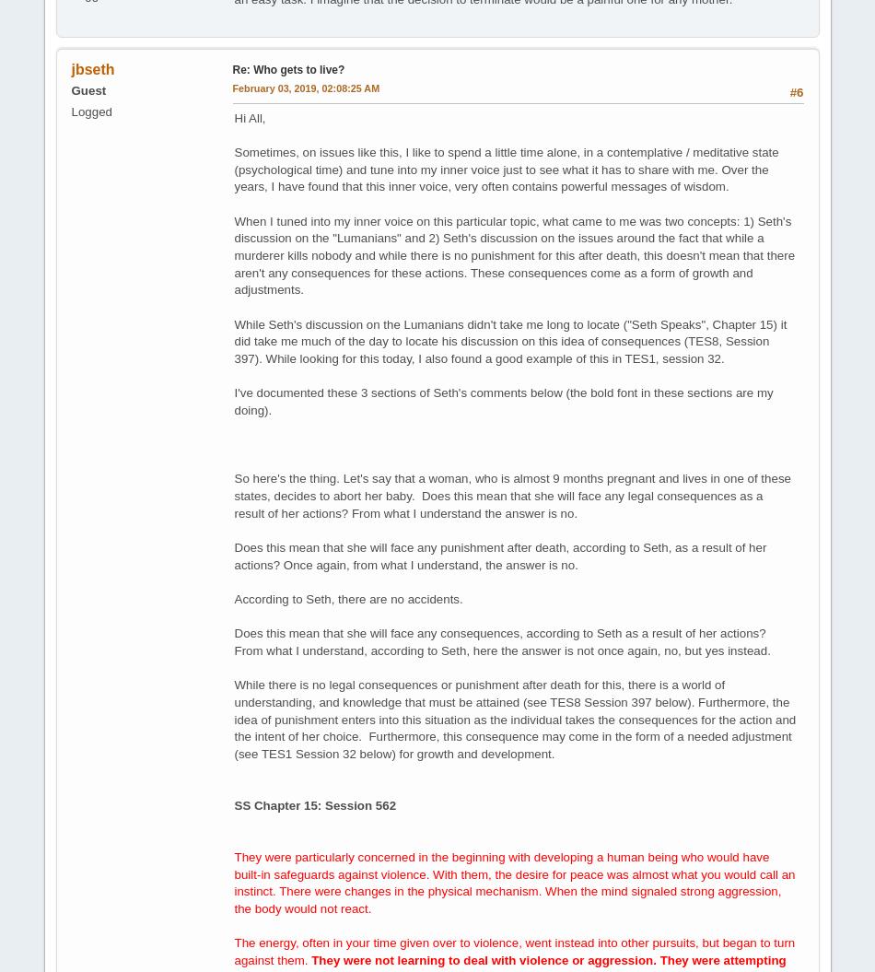  Describe the element at coordinates (503, 400) in the screenshot. I see `'I've documented these 3 sections of Seth's comments below (the bold font in these sections are my doing).'` at that location.